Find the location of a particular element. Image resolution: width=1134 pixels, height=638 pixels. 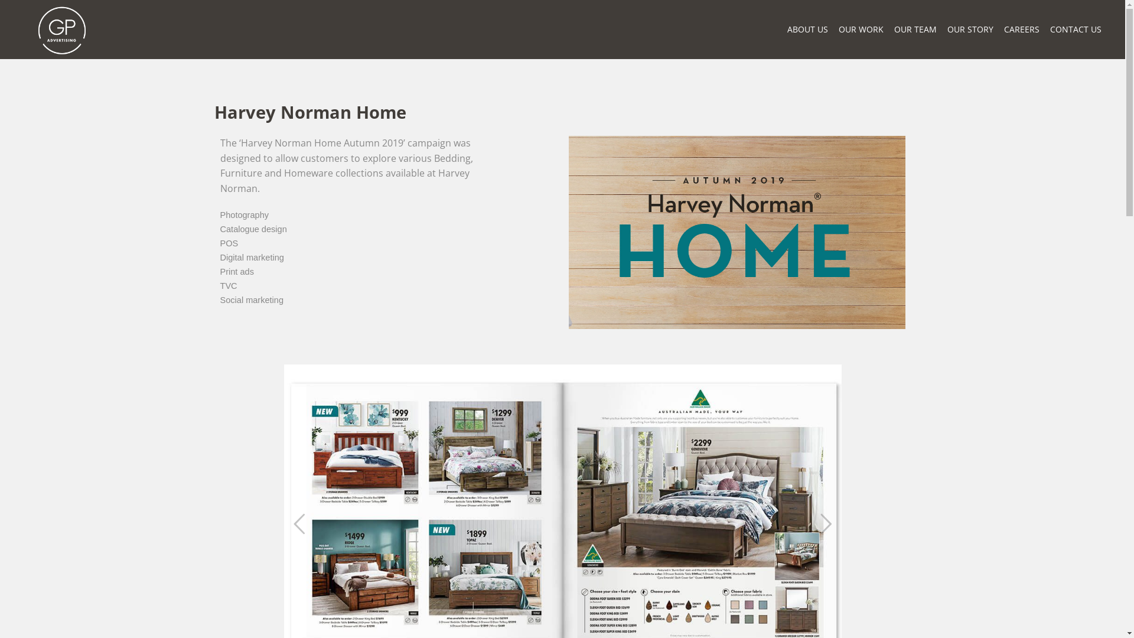

'CAREERS' is located at coordinates (1021, 28).